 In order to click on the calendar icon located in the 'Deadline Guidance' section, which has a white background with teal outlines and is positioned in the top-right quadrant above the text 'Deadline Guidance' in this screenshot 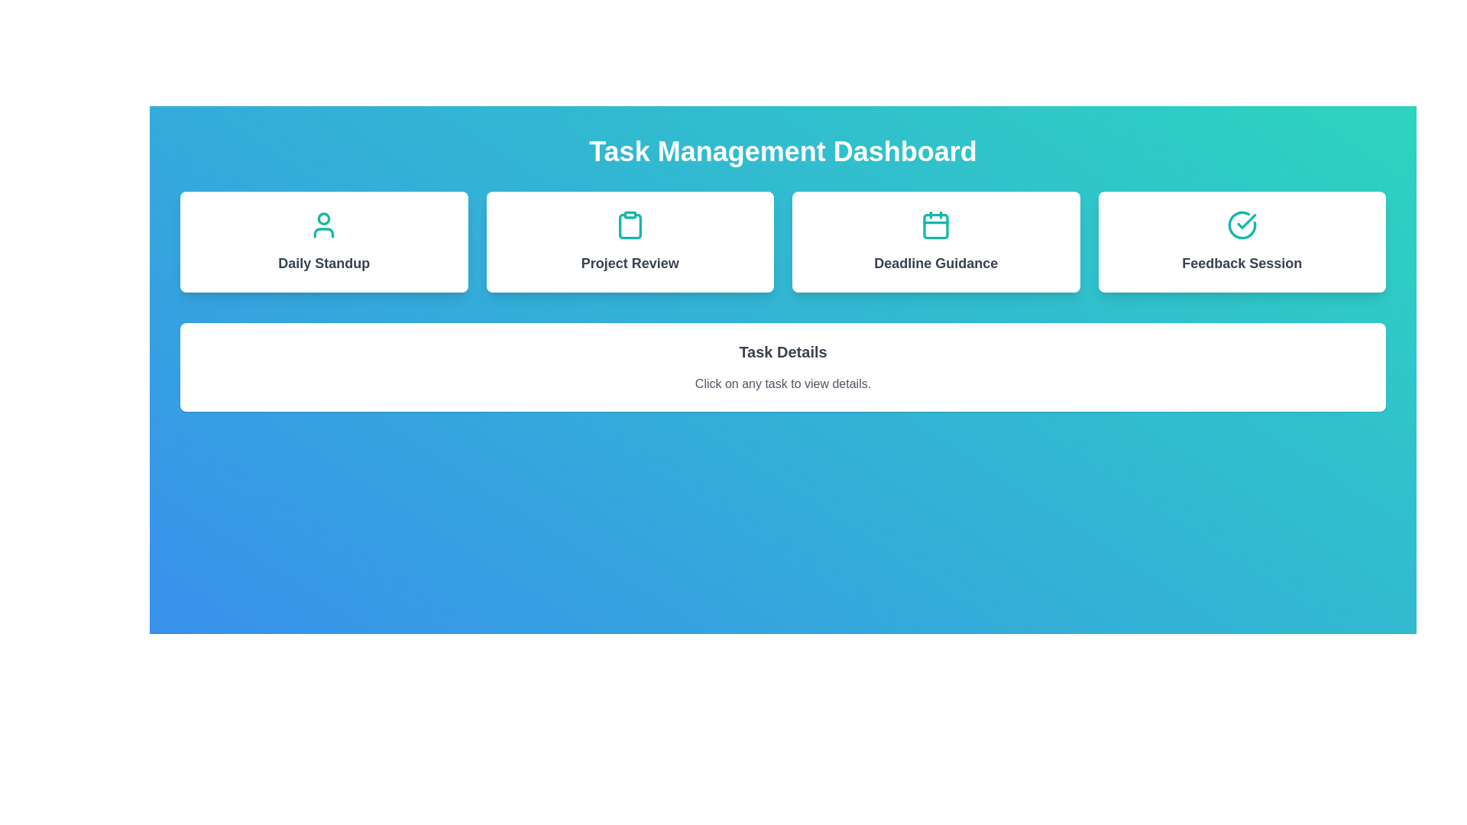, I will do `click(935, 225)`.